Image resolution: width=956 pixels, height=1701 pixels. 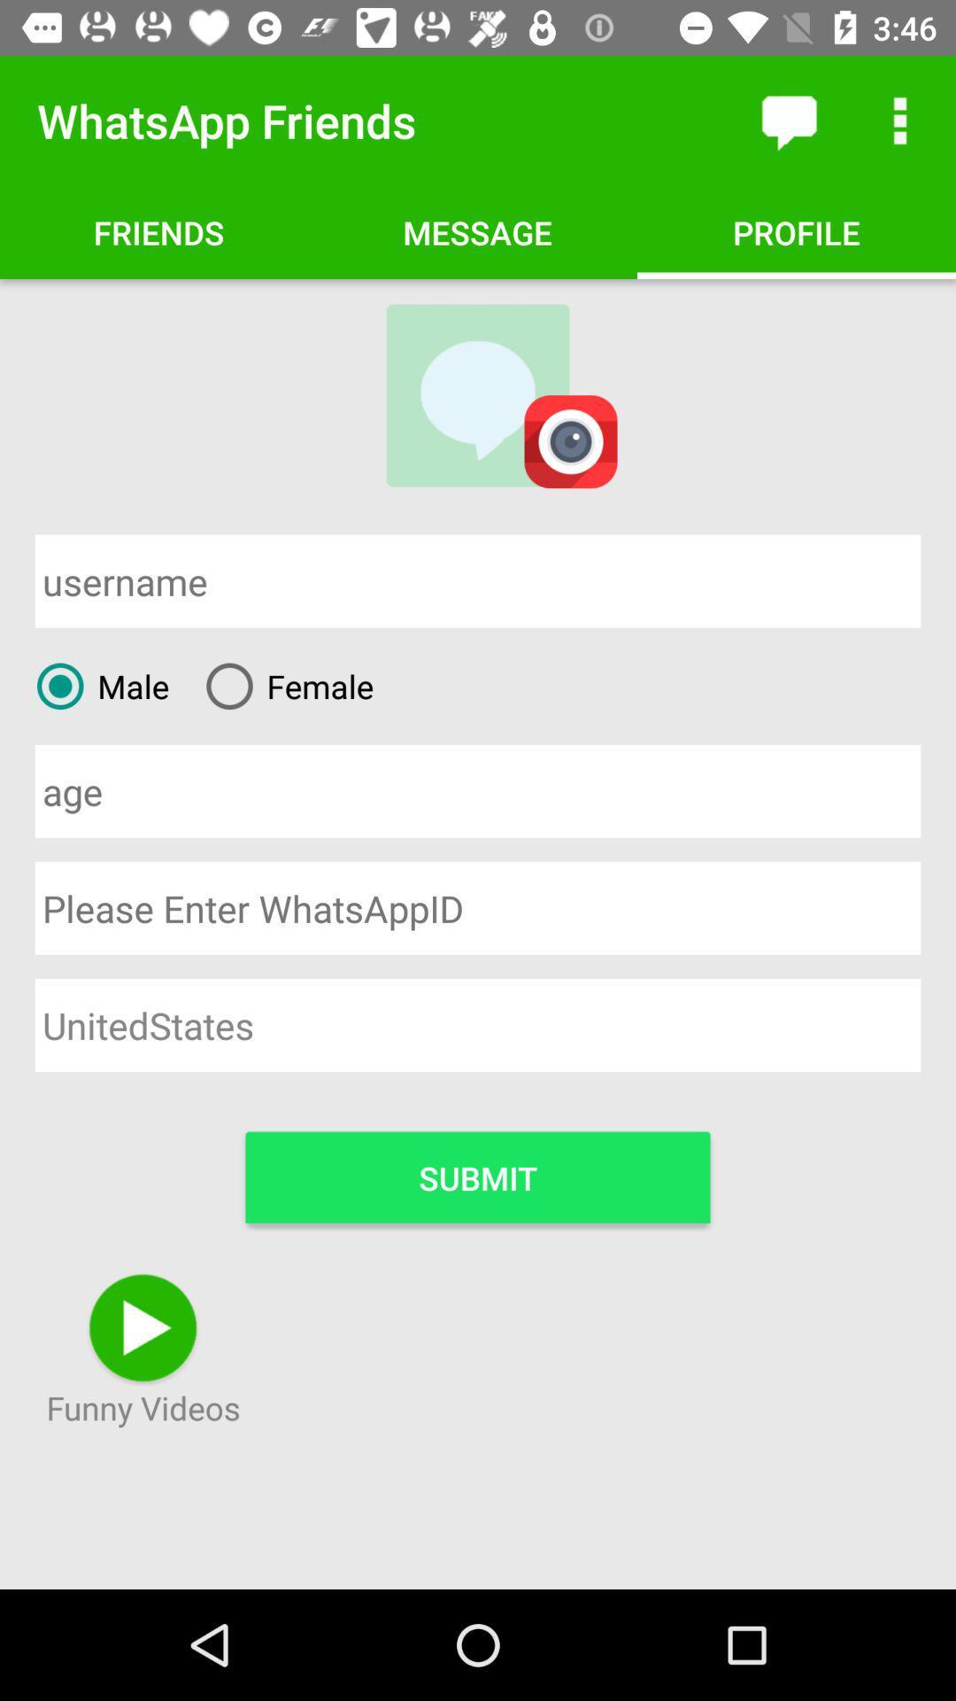 What do you see at coordinates (900, 120) in the screenshot?
I see `menu` at bounding box center [900, 120].